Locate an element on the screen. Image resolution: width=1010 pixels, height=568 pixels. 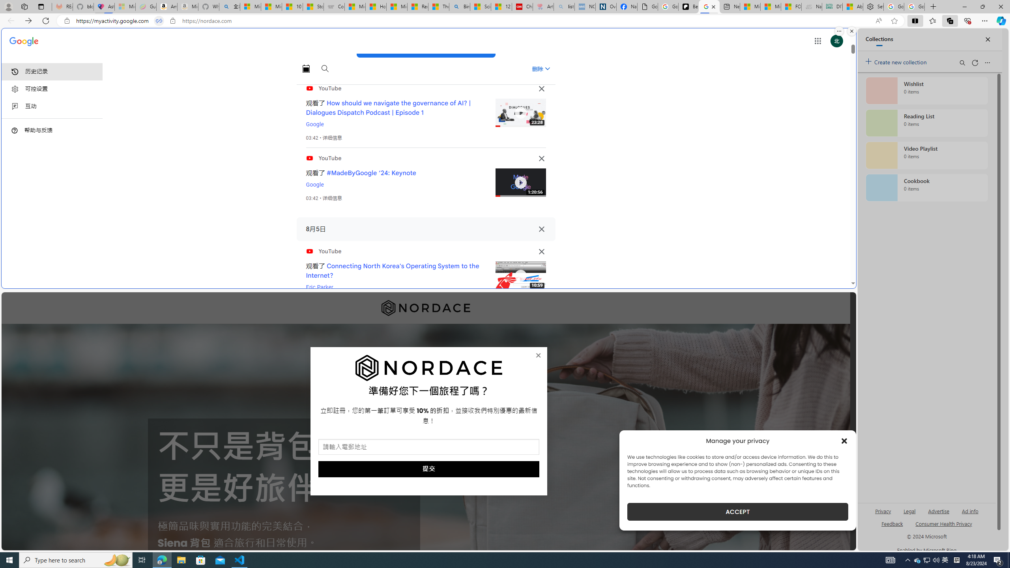
'Class: IVR0f NMm5M' is located at coordinates (520, 275).